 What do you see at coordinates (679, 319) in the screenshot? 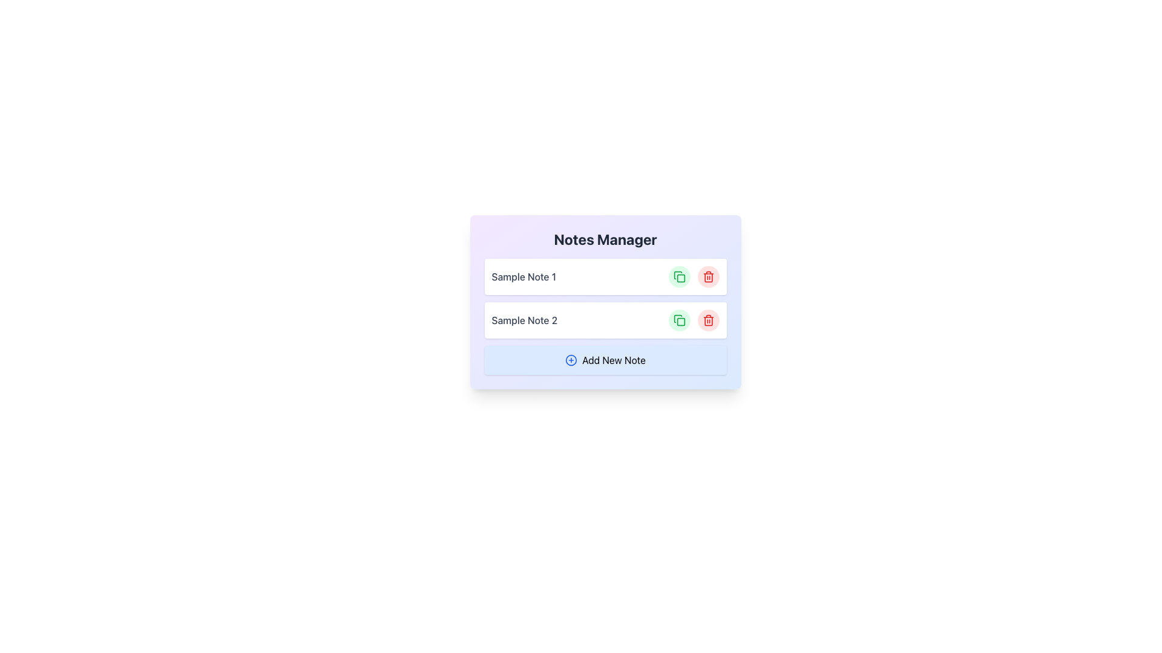
I see `the copy button located at the far right of the 'Sample Note 2' row to duplicate the associated note` at bounding box center [679, 319].